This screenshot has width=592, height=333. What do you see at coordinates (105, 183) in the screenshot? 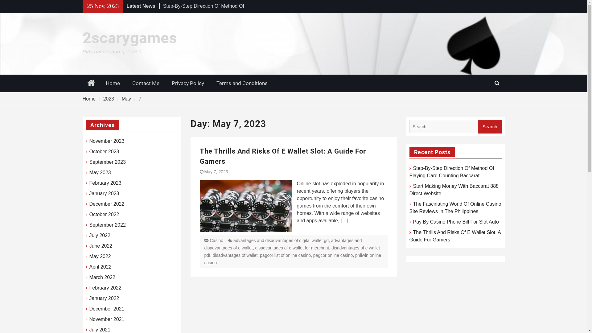
I see `'February 2023'` at bounding box center [105, 183].